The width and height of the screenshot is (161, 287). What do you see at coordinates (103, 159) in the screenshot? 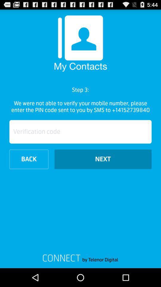
I see `item to the right of the back` at bounding box center [103, 159].